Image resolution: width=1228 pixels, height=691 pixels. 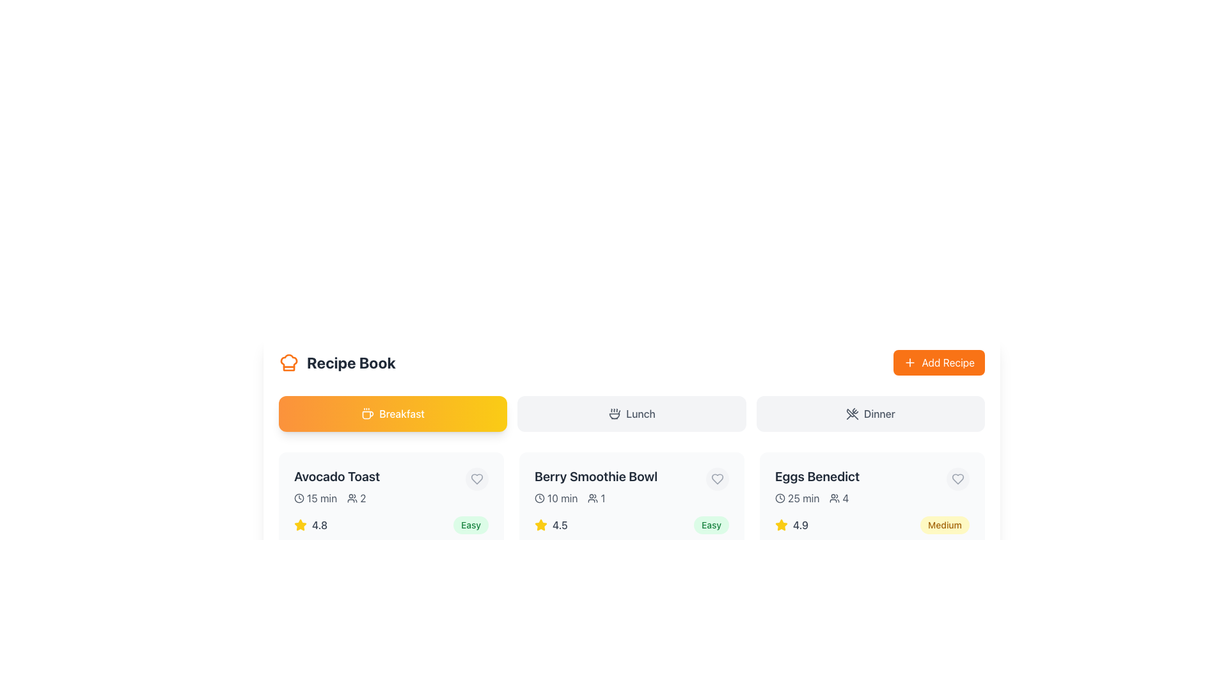 I want to click on the icon representing the lunch category, which is located within a rounded rectangular button labeled 'Lunch', so click(x=615, y=414).